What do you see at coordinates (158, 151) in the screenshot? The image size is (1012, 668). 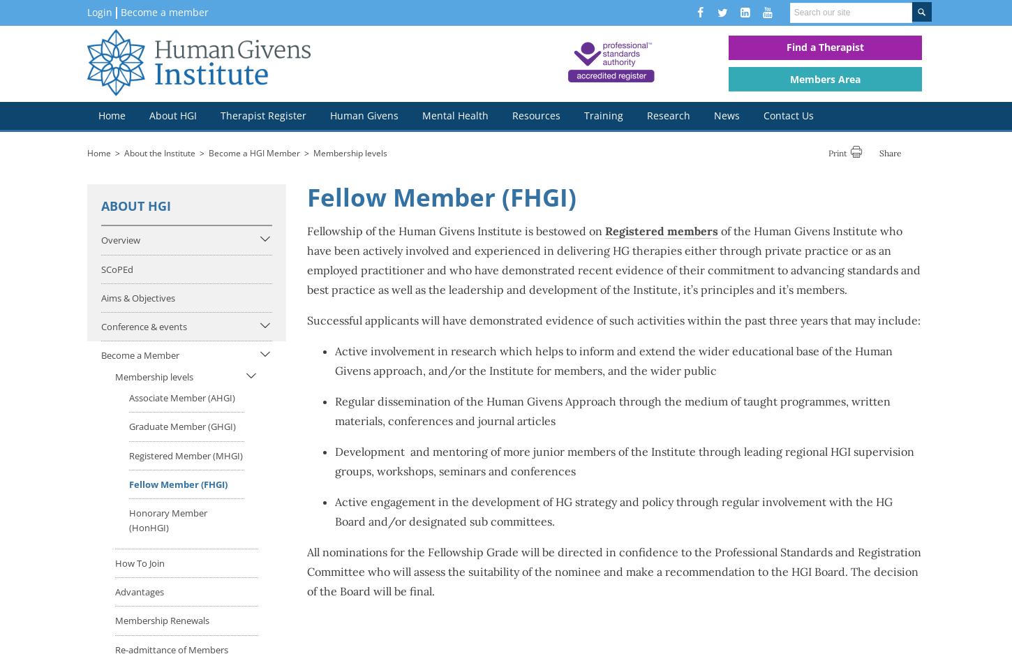 I see `'About the Institute'` at bounding box center [158, 151].